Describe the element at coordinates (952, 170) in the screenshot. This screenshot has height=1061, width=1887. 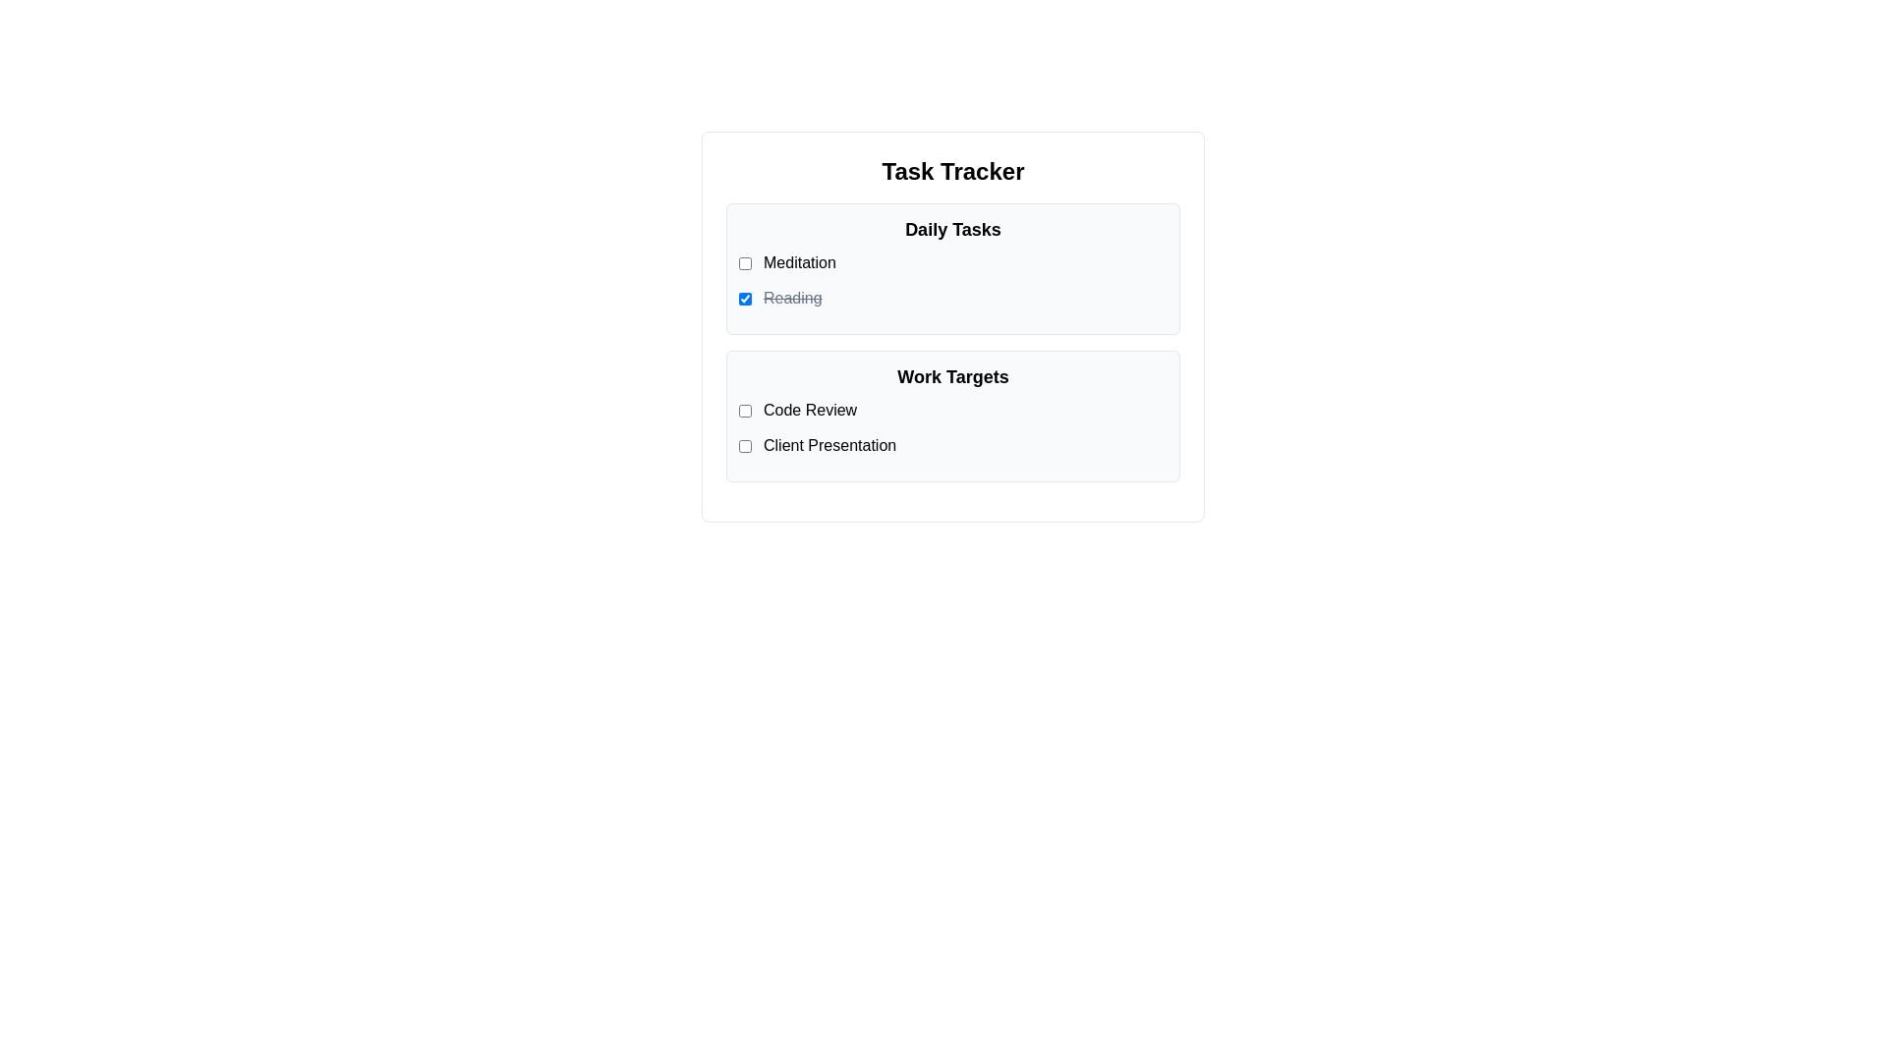
I see `the header text 'Task Tracker', which is styled in a large bold font and serves as the title of the section` at that location.